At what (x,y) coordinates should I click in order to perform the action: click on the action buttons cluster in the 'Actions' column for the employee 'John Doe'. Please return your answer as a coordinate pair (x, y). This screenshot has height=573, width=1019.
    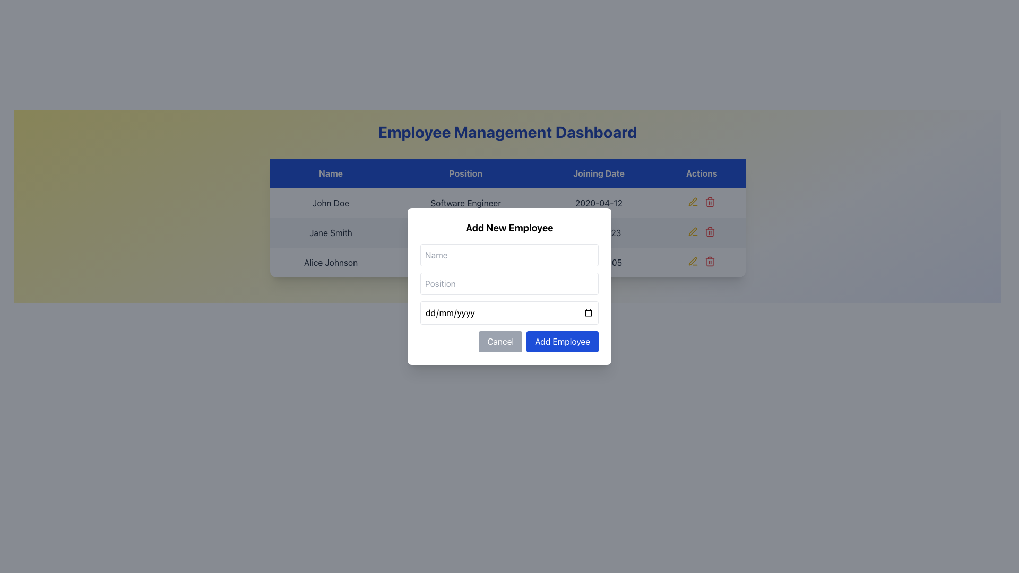
    Looking at the image, I should click on (702, 202).